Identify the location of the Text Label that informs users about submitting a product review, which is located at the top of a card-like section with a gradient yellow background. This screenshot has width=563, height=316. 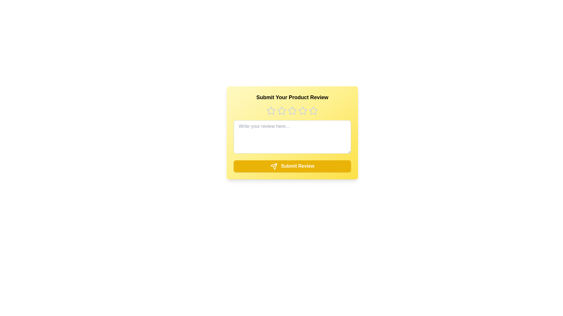
(292, 97).